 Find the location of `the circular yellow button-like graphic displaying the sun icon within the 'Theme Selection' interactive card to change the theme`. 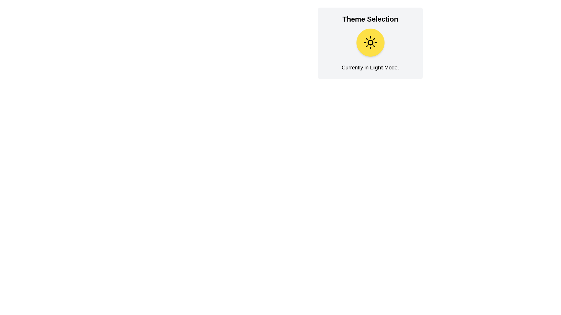

the circular yellow button-like graphic displaying the sun icon within the 'Theme Selection' interactive card to change the theme is located at coordinates (370, 43).